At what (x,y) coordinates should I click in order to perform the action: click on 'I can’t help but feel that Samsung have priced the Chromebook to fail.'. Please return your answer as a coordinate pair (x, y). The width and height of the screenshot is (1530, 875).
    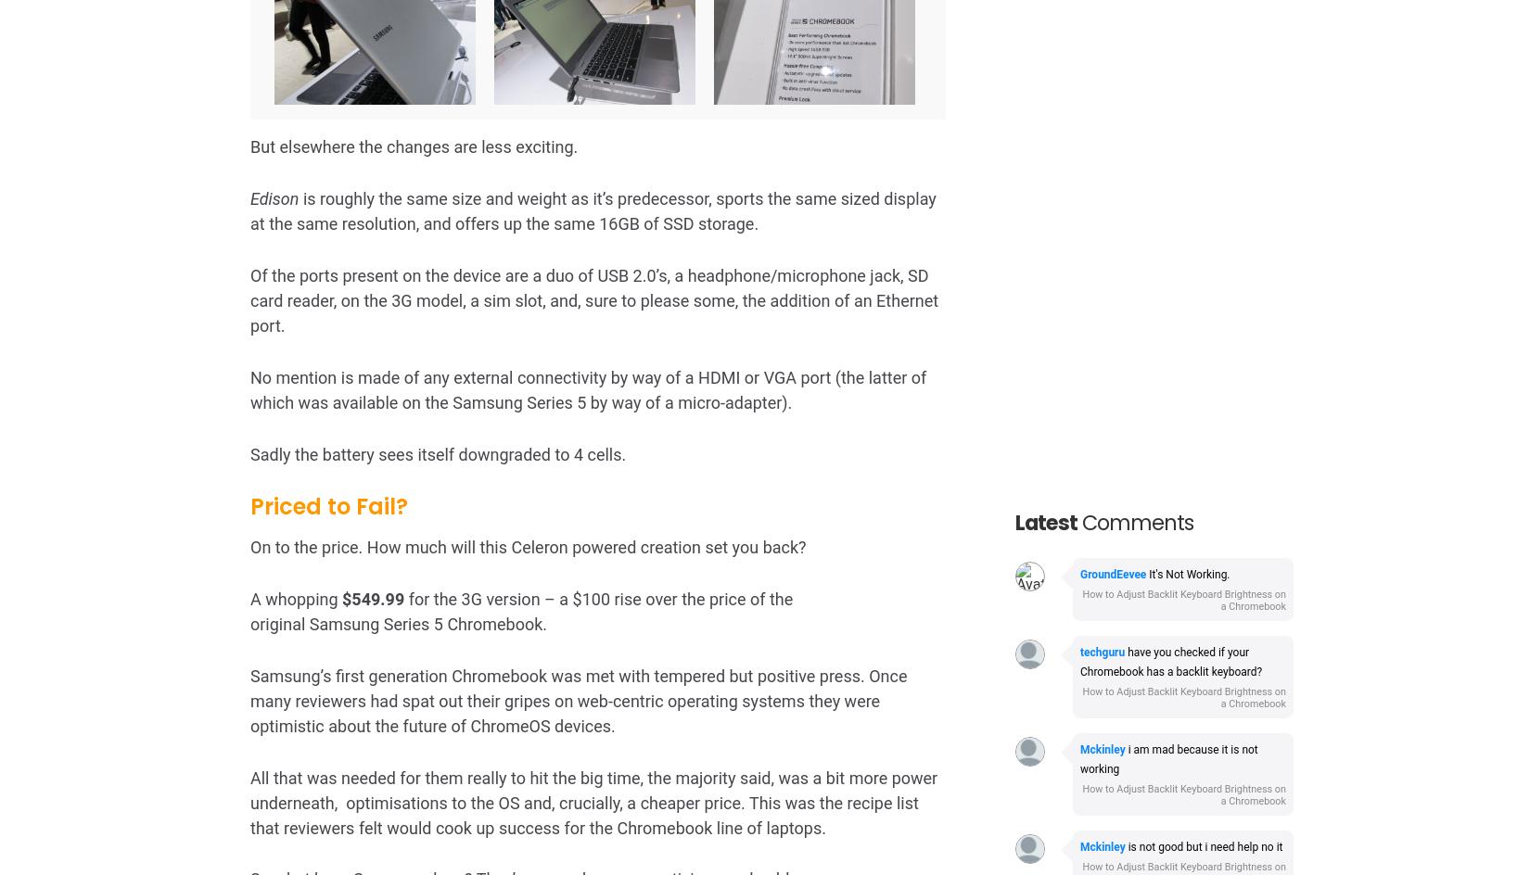
    Looking at the image, I should click on (505, 383).